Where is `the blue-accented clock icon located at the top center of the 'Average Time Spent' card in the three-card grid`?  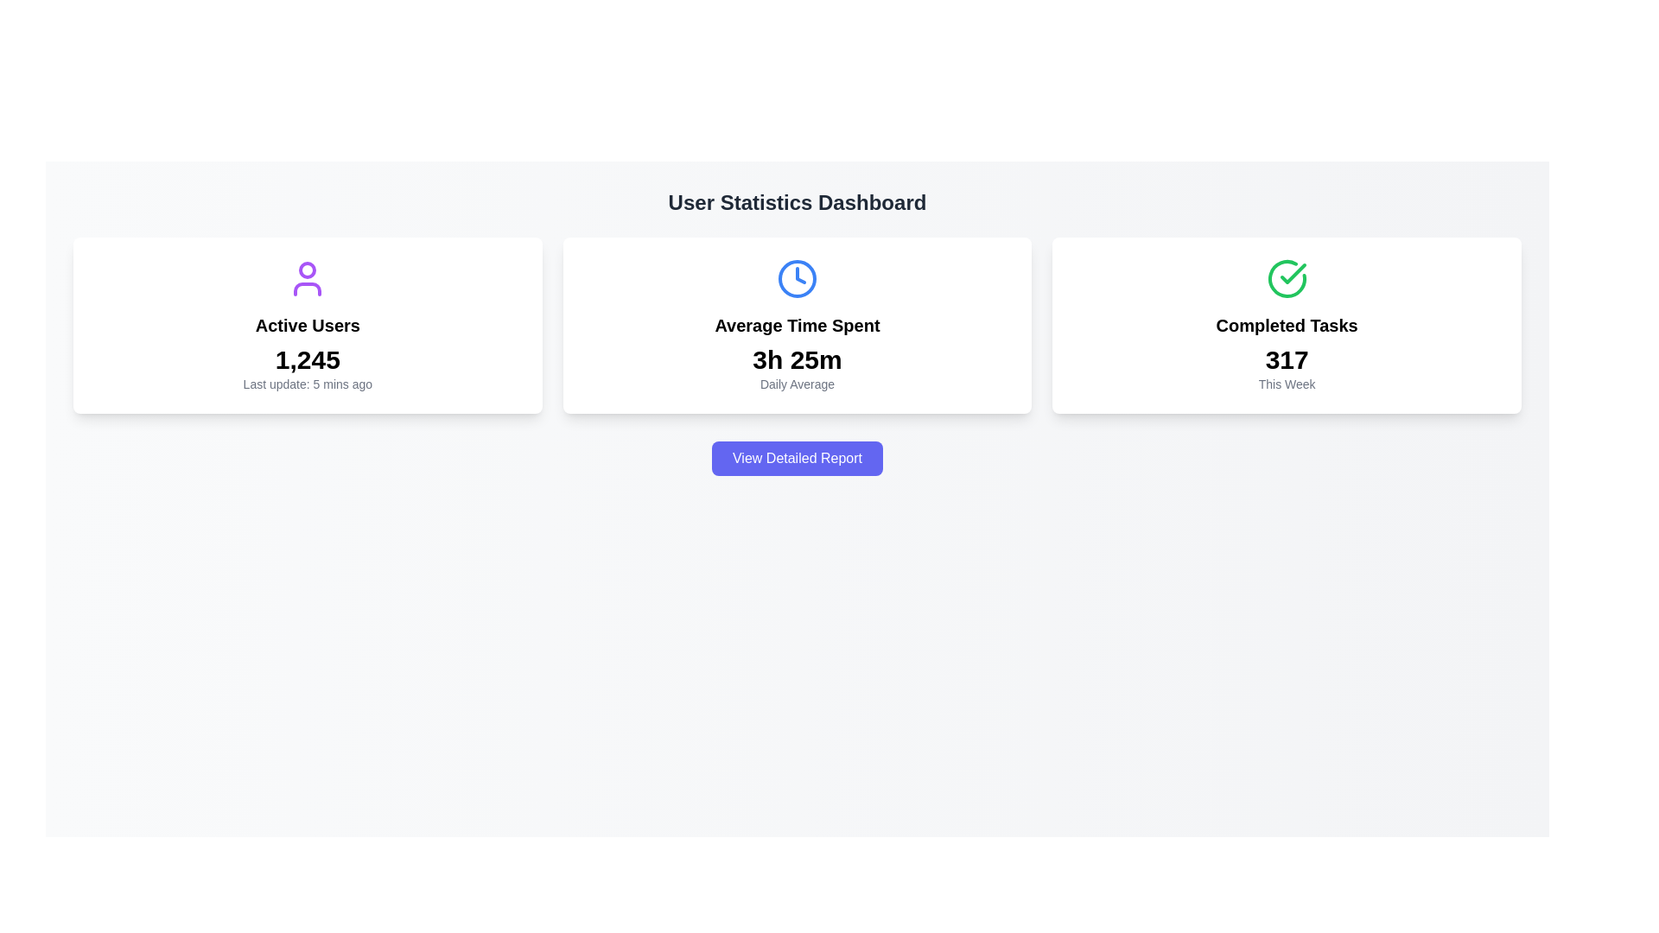
the blue-accented clock icon located at the top center of the 'Average Time Spent' card in the three-card grid is located at coordinates (796, 278).